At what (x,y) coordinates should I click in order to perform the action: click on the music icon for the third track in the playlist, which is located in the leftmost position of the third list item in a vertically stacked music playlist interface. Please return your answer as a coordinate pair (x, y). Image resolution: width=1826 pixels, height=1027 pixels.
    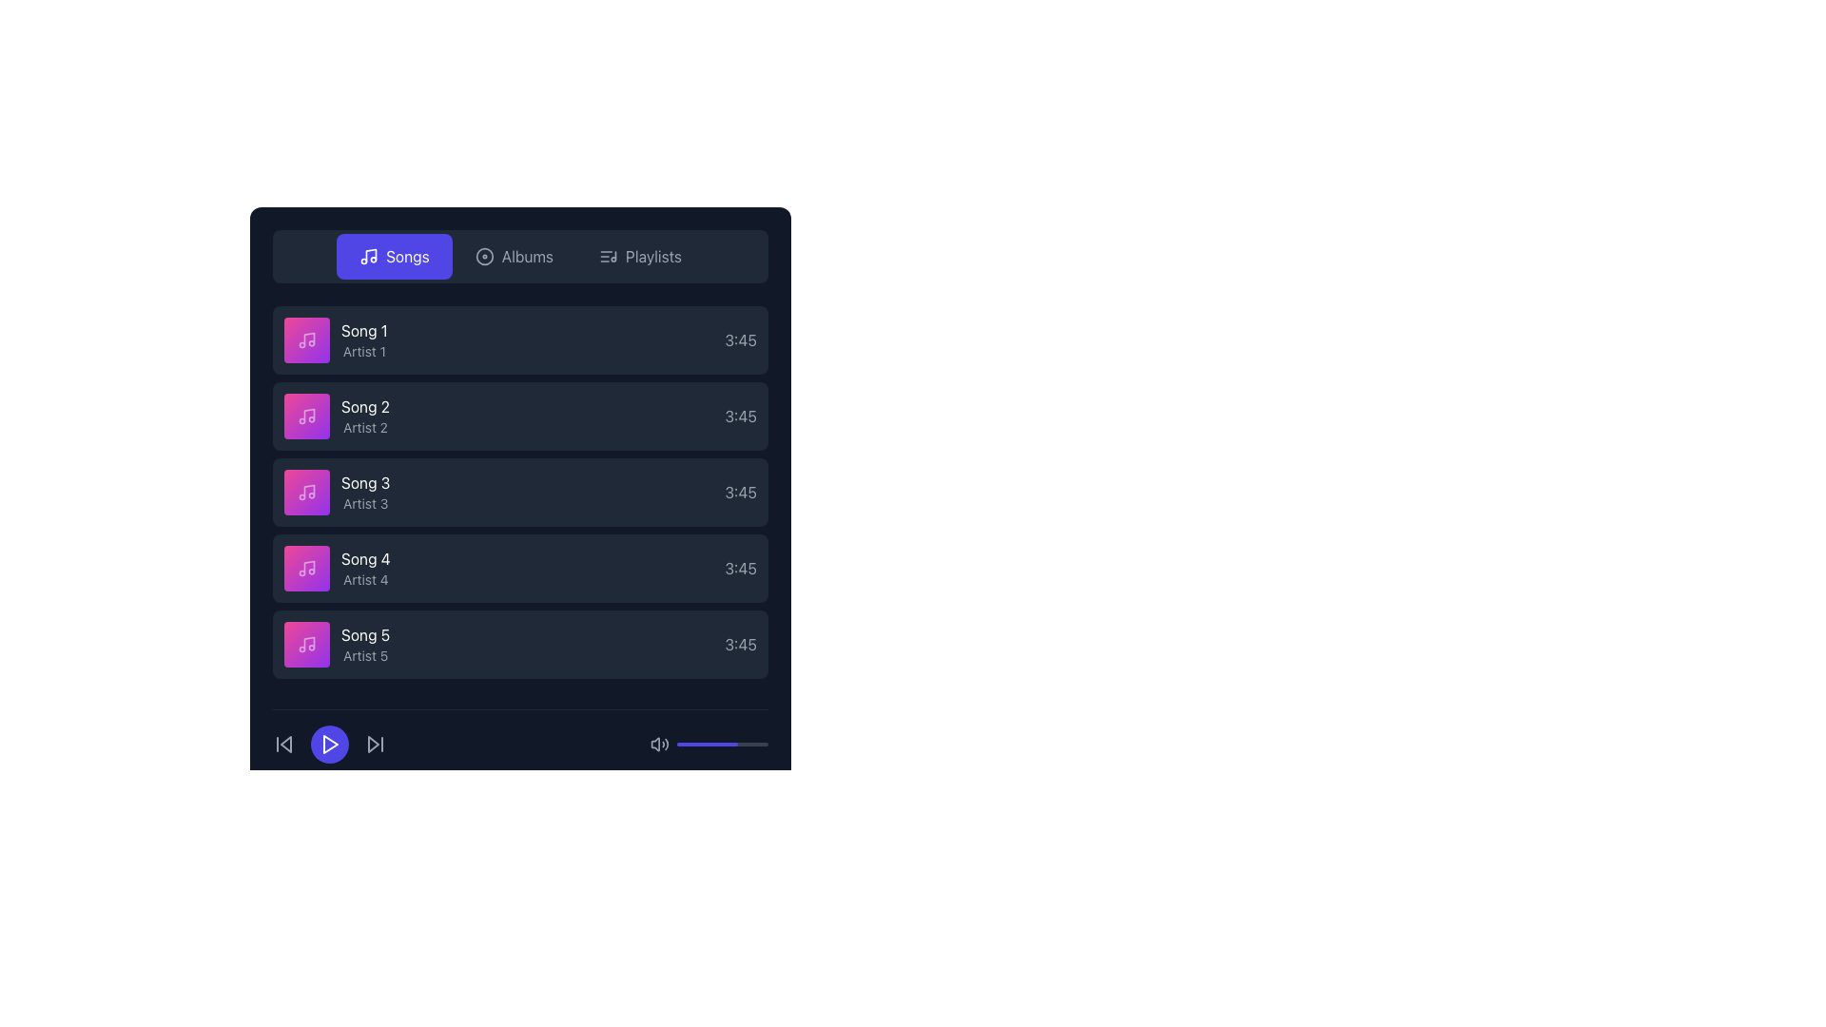
    Looking at the image, I should click on (306, 491).